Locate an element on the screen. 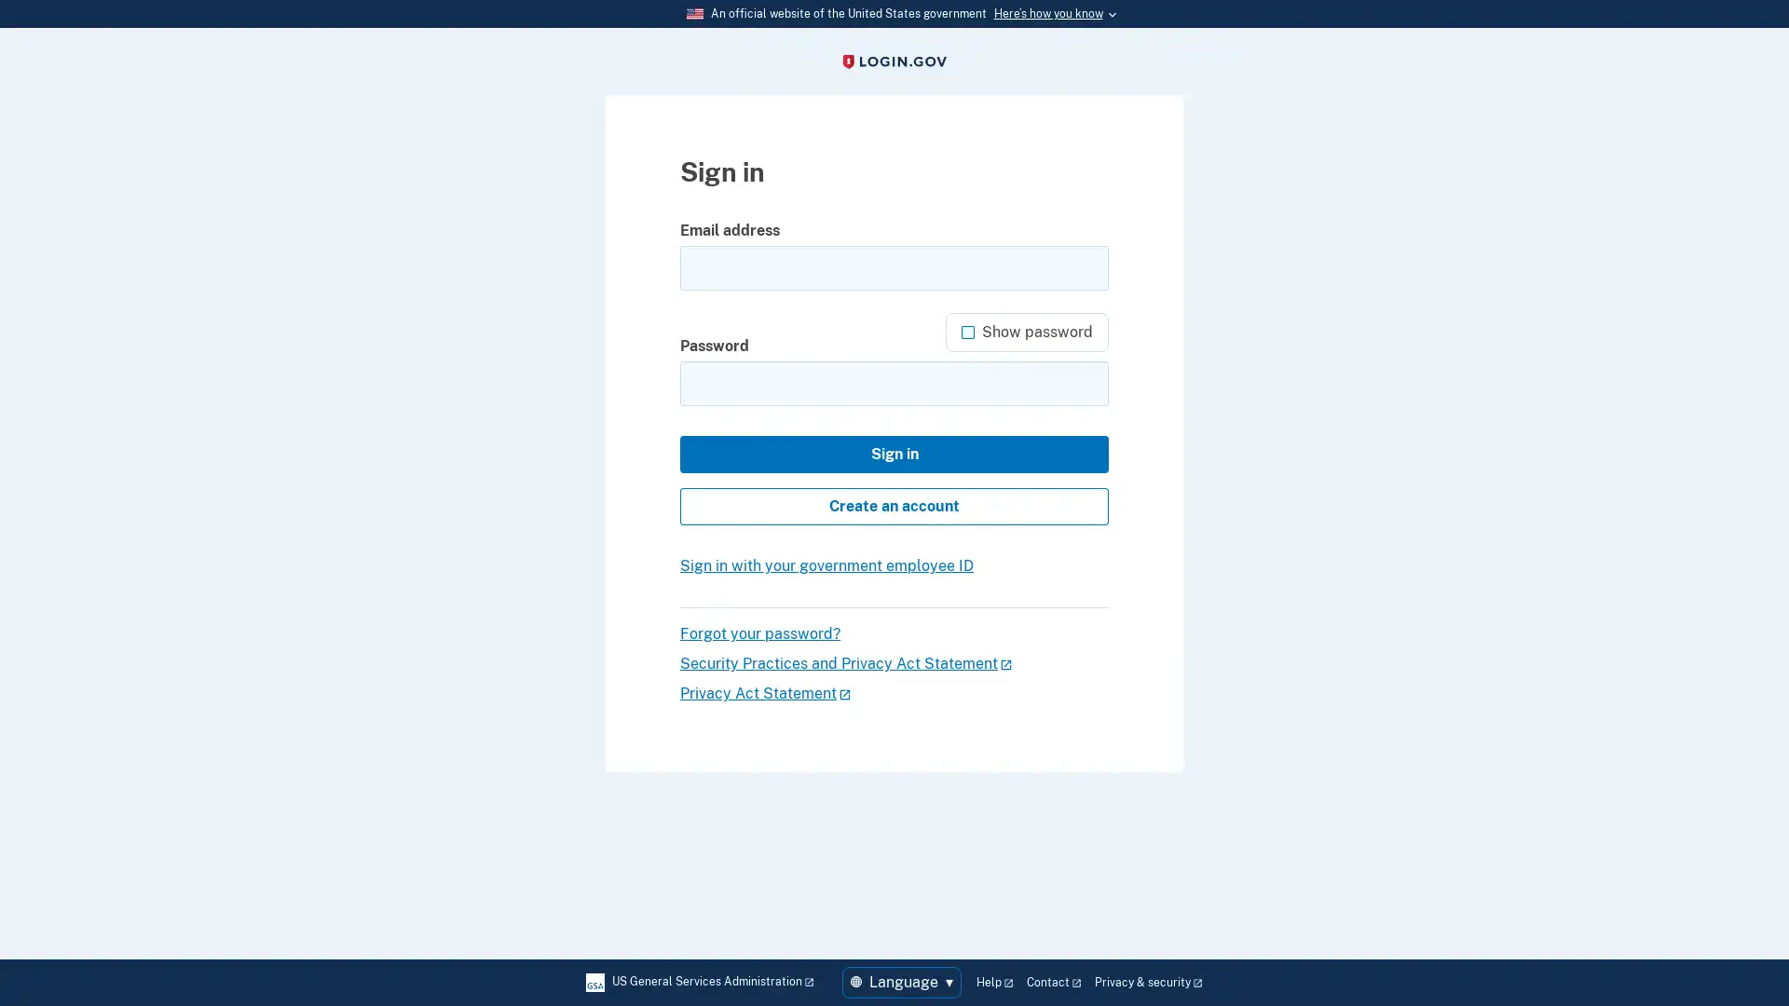 This screenshot has height=1006, width=1789. Language is located at coordinates (902, 982).